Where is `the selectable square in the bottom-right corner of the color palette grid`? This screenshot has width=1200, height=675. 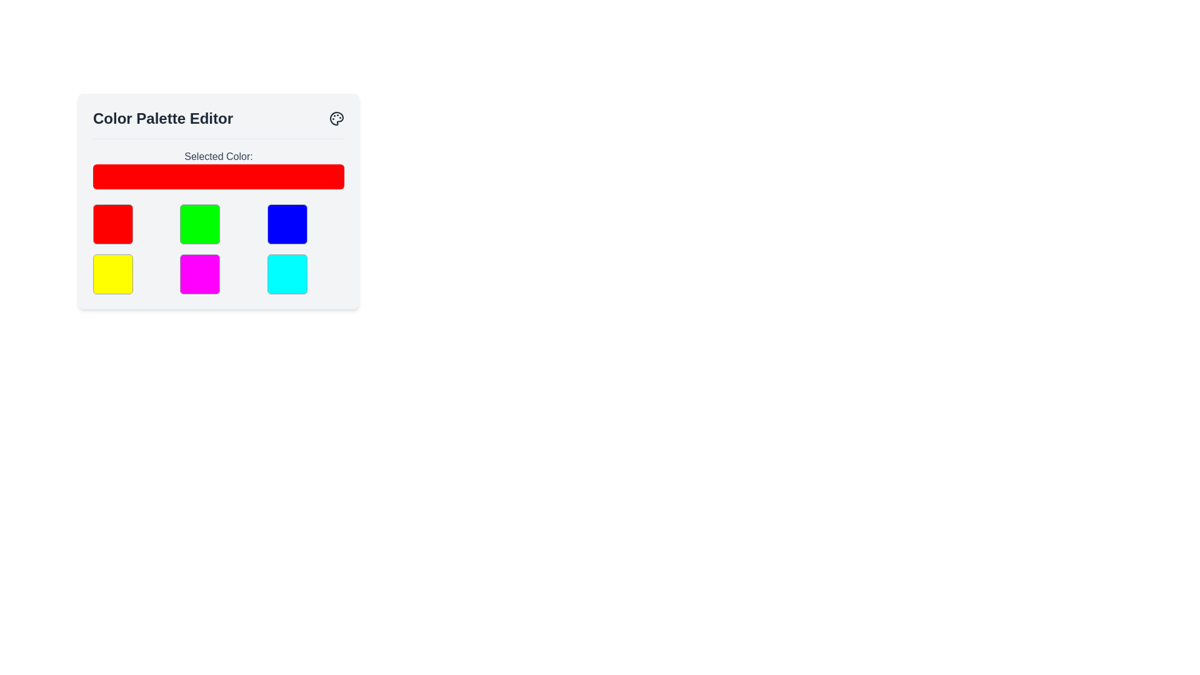
the selectable square in the bottom-right corner of the color palette grid is located at coordinates (286, 274).